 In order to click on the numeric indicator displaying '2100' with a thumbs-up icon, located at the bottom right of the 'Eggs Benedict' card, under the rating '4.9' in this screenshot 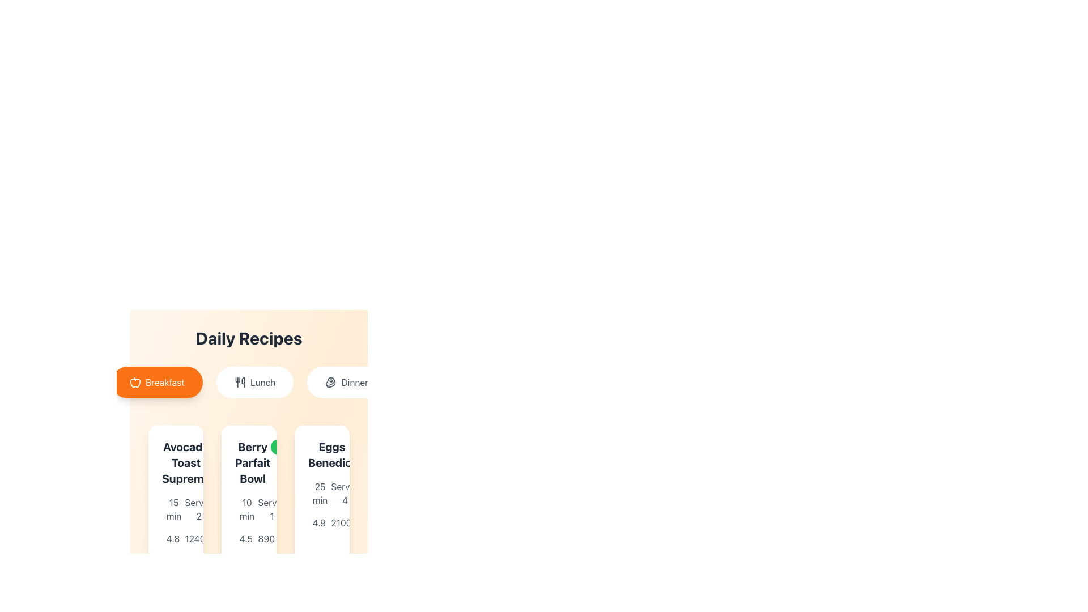, I will do `click(330, 522)`.